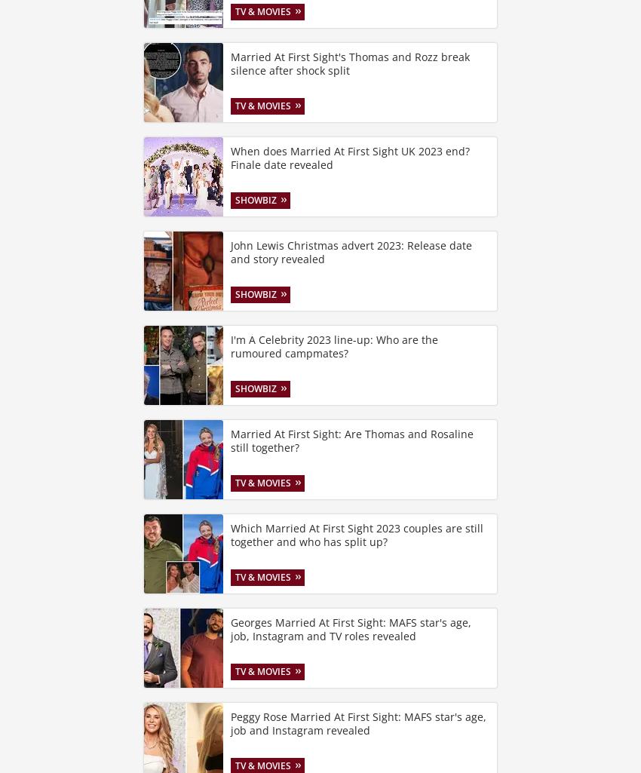 Image resolution: width=641 pixels, height=773 pixels. What do you see at coordinates (349, 158) in the screenshot?
I see `'When does Married At First Sight UK 2023 end? Finale date revealed'` at bounding box center [349, 158].